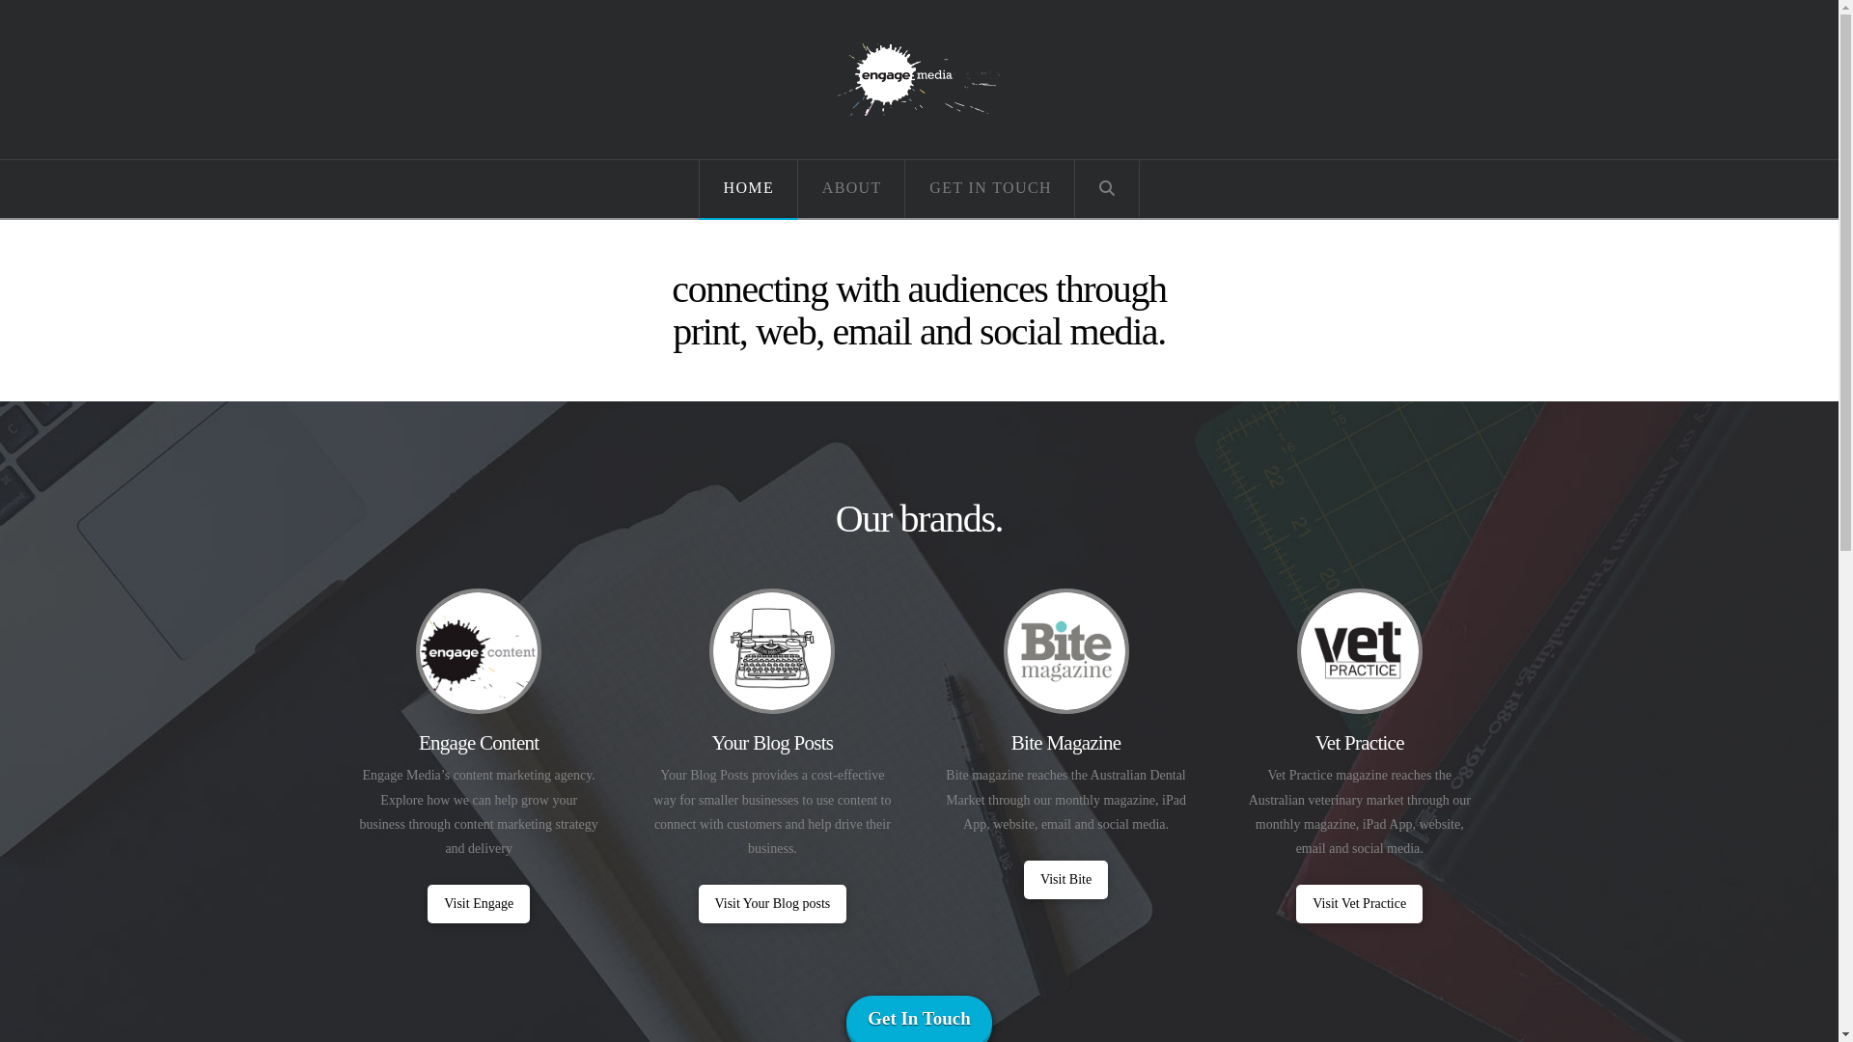 This screenshot has width=1853, height=1042. Describe the element at coordinates (747, 189) in the screenshot. I see `'HOME'` at that location.